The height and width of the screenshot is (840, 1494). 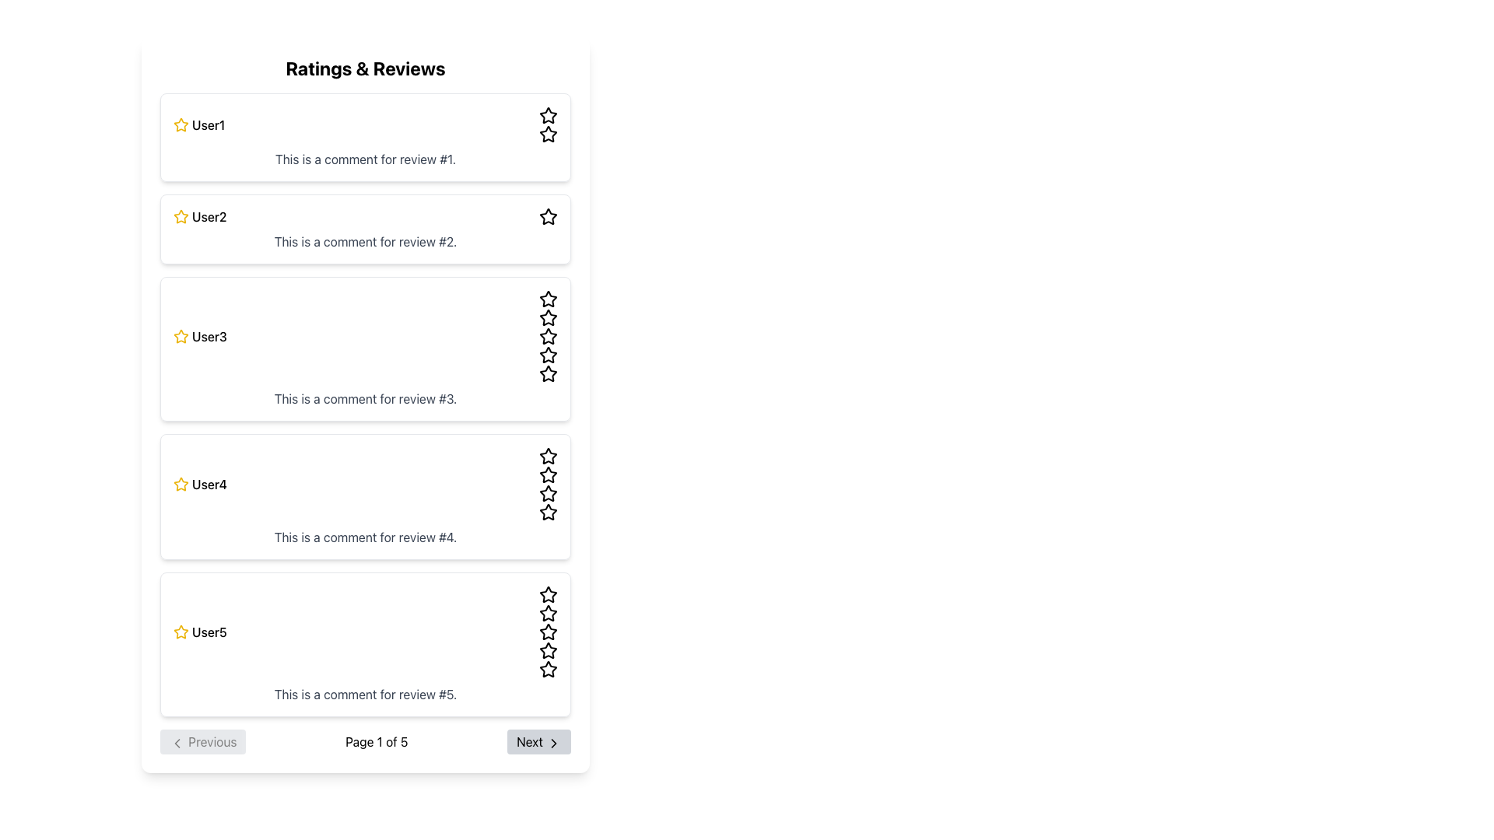 What do you see at coordinates (549, 216) in the screenshot?
I see `the second outlined star icon in the 'User2' rating section` at bounding box center [549, 216].